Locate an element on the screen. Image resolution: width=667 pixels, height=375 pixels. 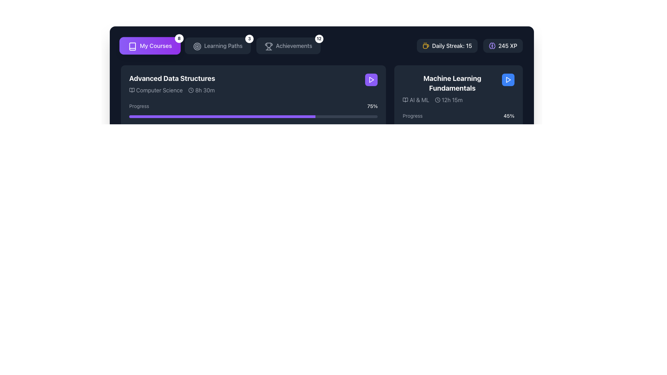
the circular badge overlaying the top-right corner of the 'Learning Paths' button, which displays a count of '3' is located at coordinates (249, 39).